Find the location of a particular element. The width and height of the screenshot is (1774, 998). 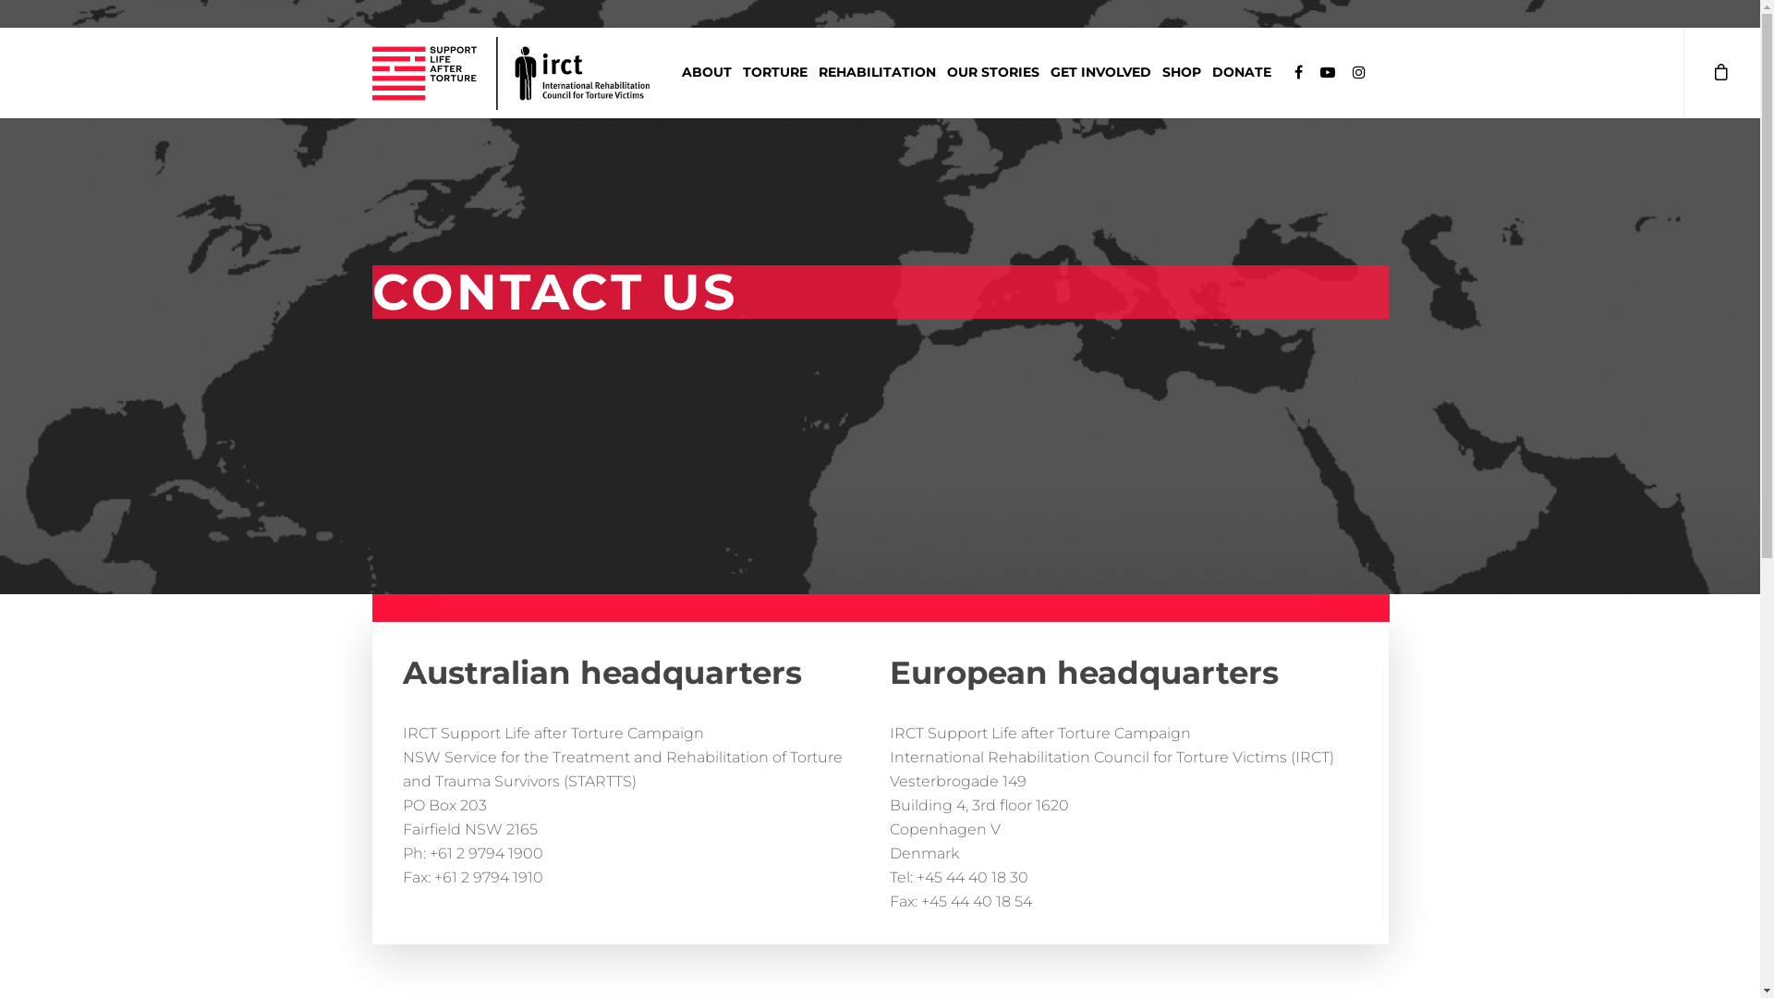

'ABOUT' is located at coordinates (674, 76).